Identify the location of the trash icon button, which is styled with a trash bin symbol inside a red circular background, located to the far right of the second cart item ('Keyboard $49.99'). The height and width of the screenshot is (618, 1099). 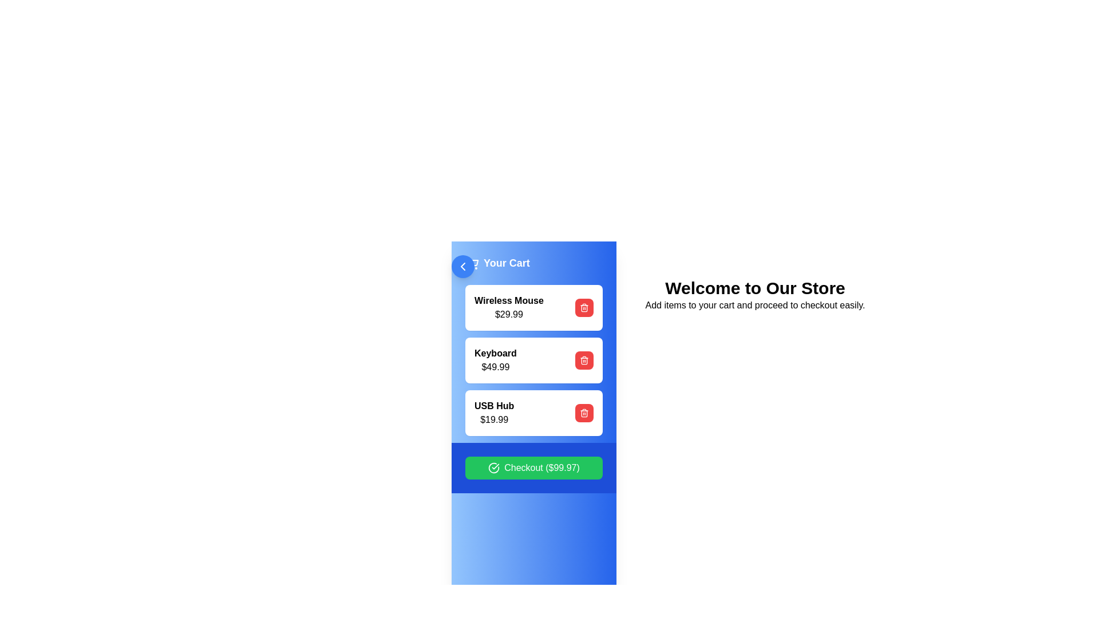
(584, 359).